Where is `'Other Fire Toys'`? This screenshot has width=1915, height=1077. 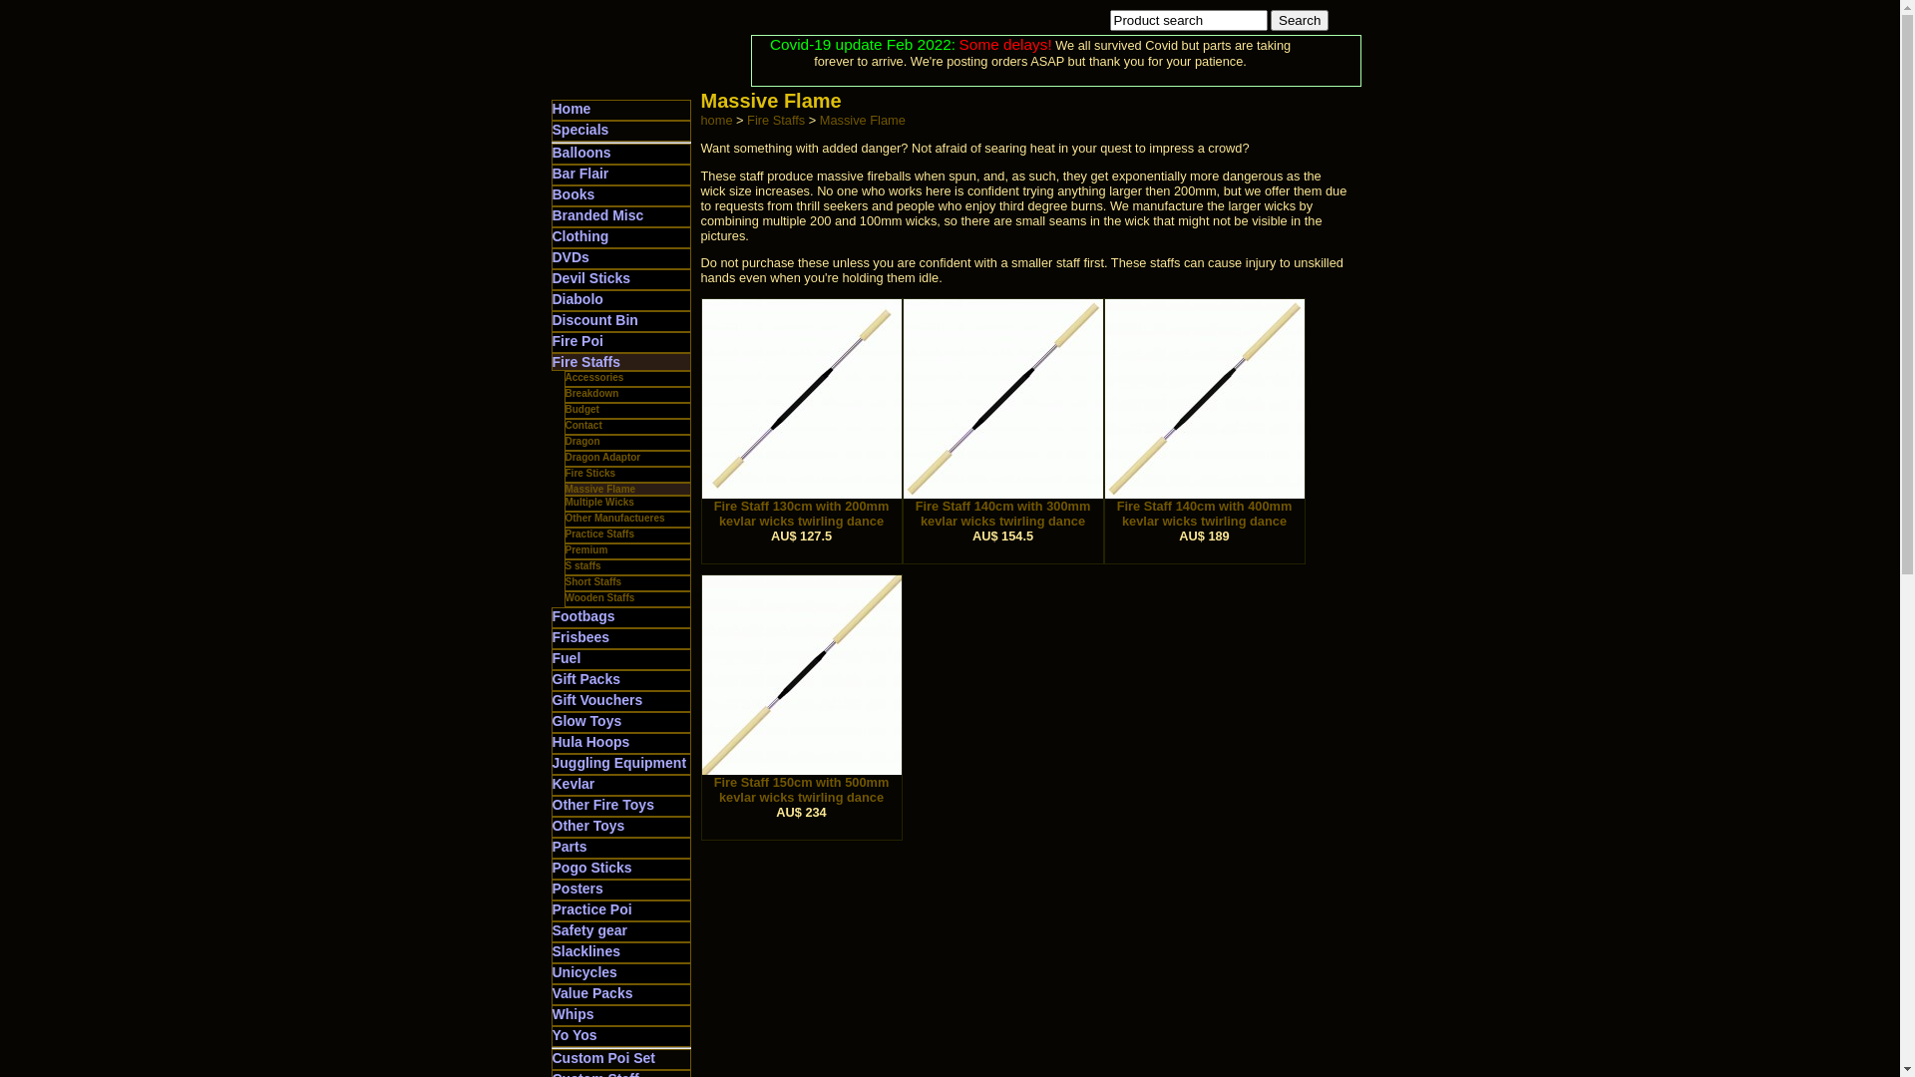 'Other Fire Toys' is located at coordinates (601, 803).